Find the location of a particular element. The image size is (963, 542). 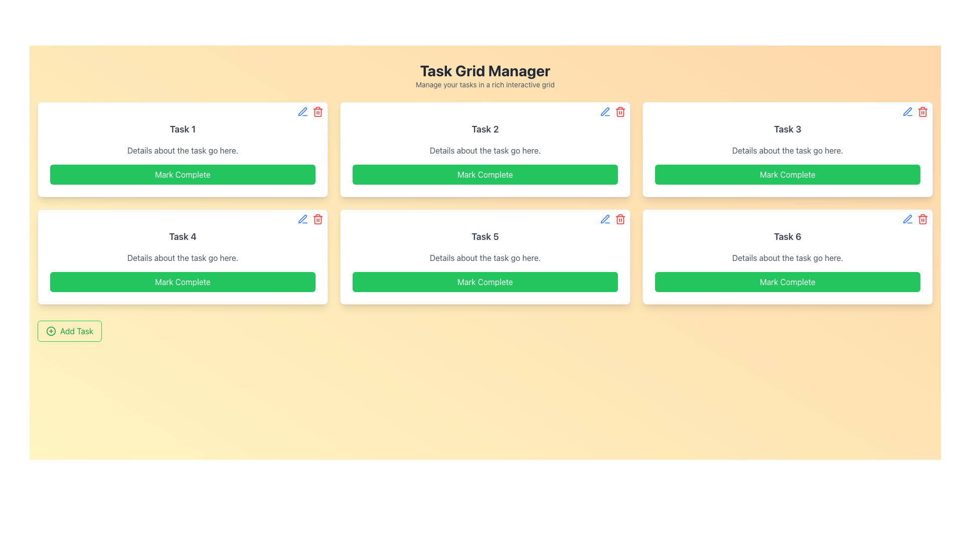

the delete button located as the second icon in the rightmost section of the top header of the task card is located at coordinates (620, 218).